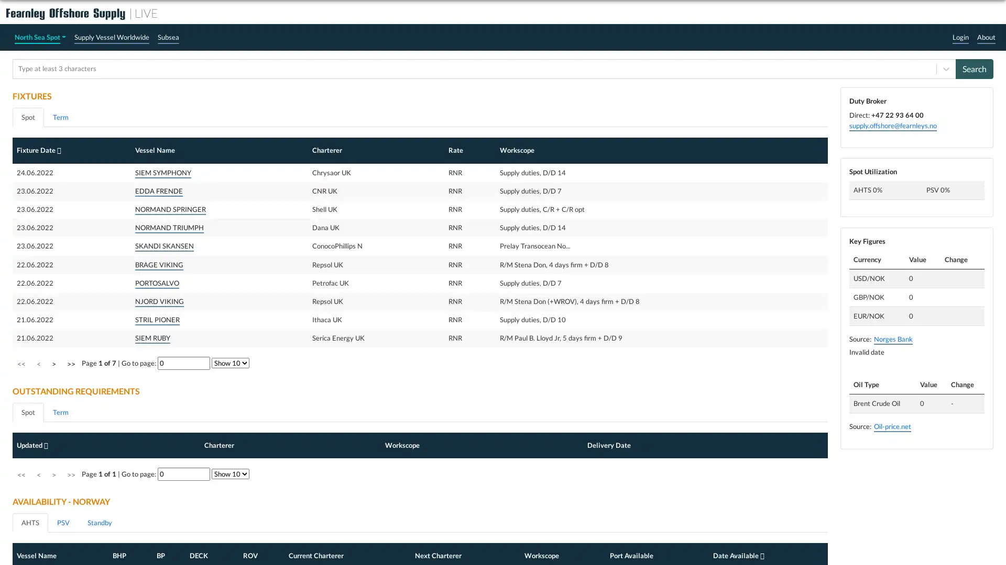 This screenshot has width=1006, height=565. I want to click on <<, so click(21, 529).